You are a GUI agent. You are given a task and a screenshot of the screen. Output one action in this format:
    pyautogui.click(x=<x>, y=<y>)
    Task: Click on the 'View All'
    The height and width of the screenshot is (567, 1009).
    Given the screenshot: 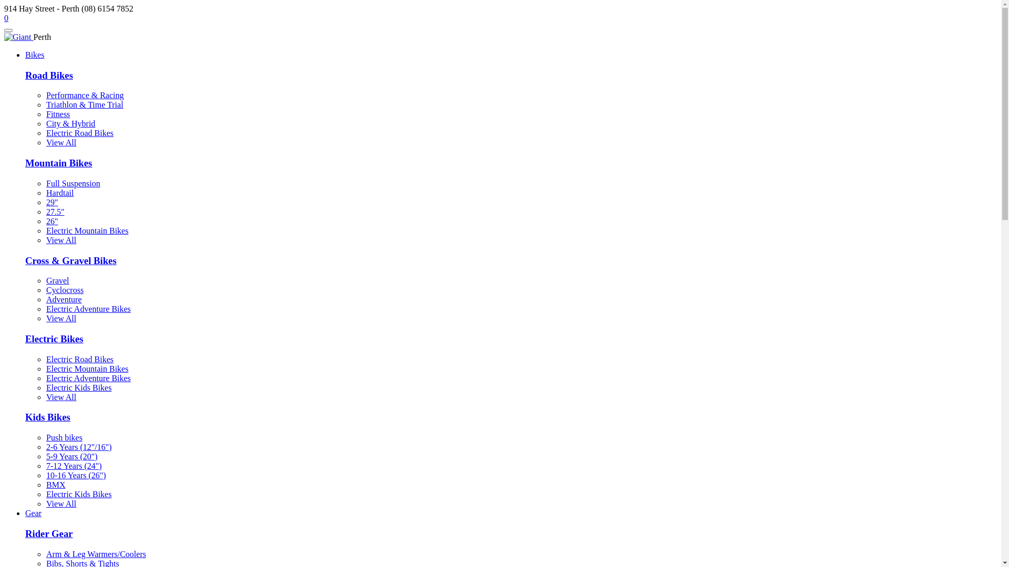 What is the action you would take?
    pyautogui.click(x=45, y=503)
    